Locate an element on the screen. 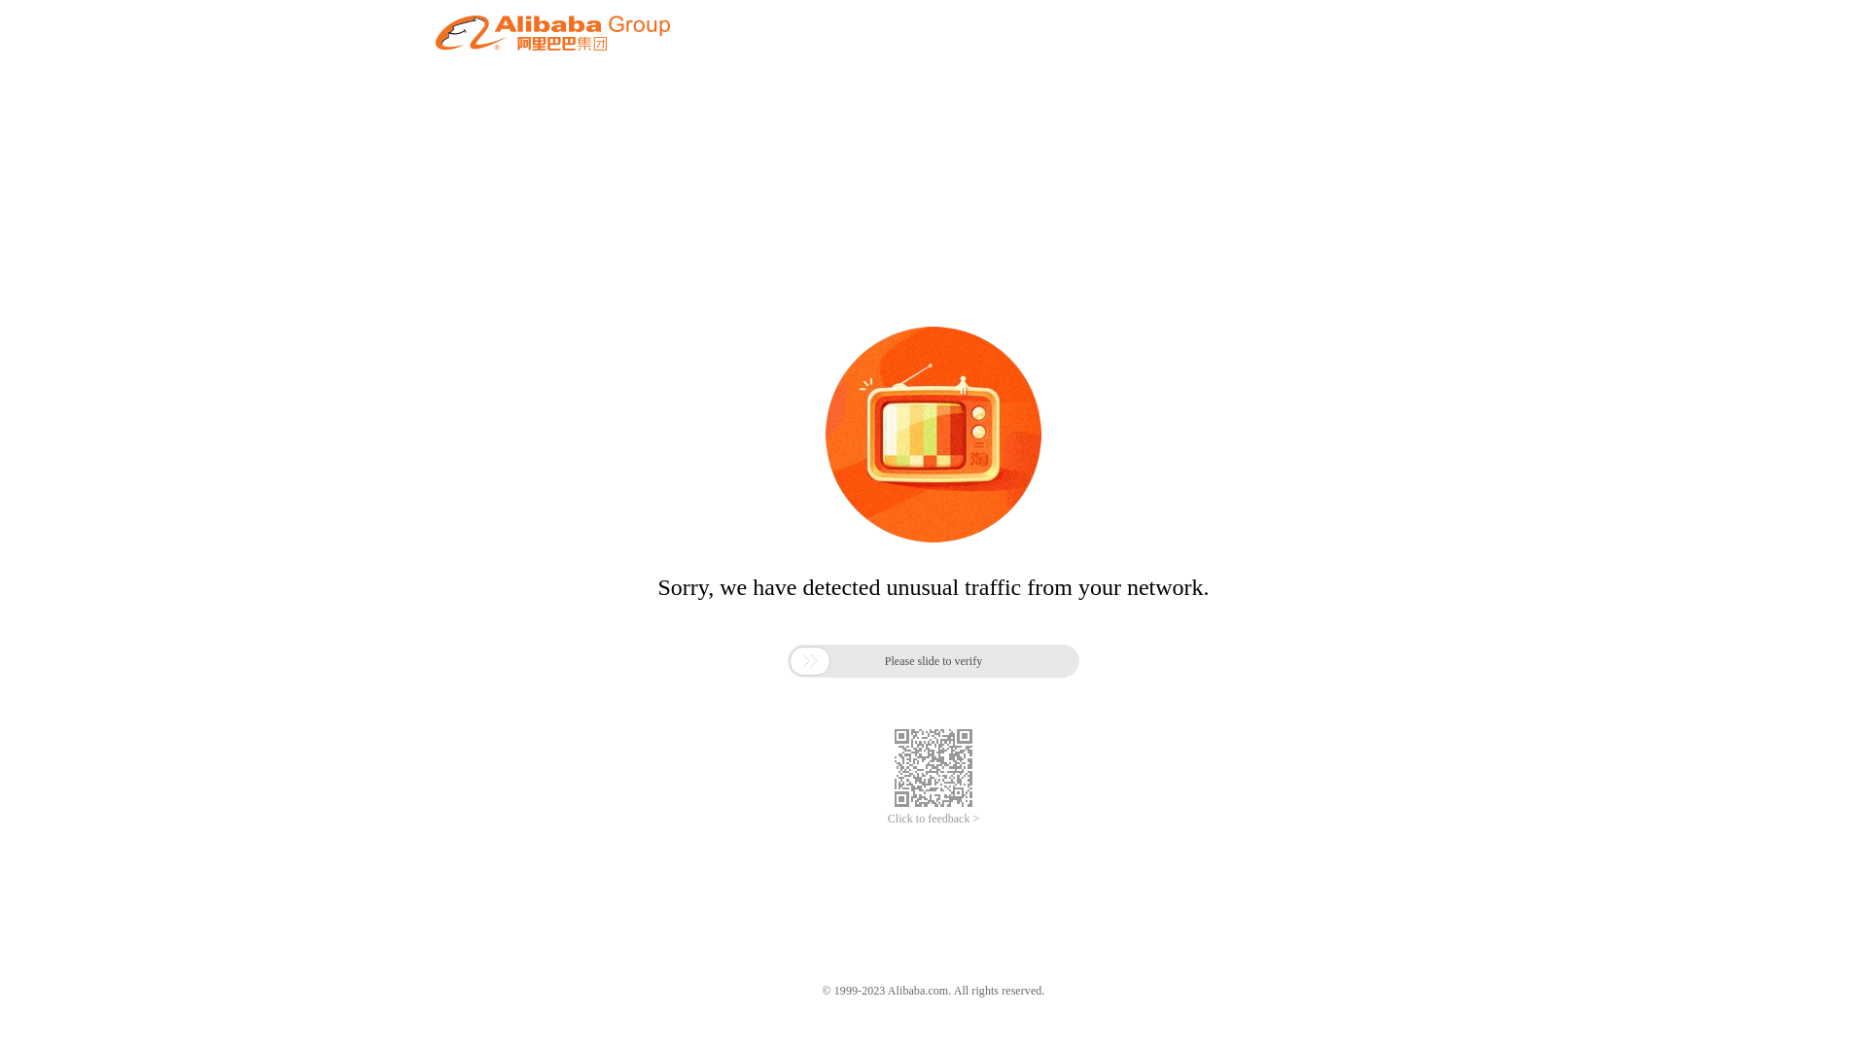  'Click to feedback >' is located at coordinates (933, 819).